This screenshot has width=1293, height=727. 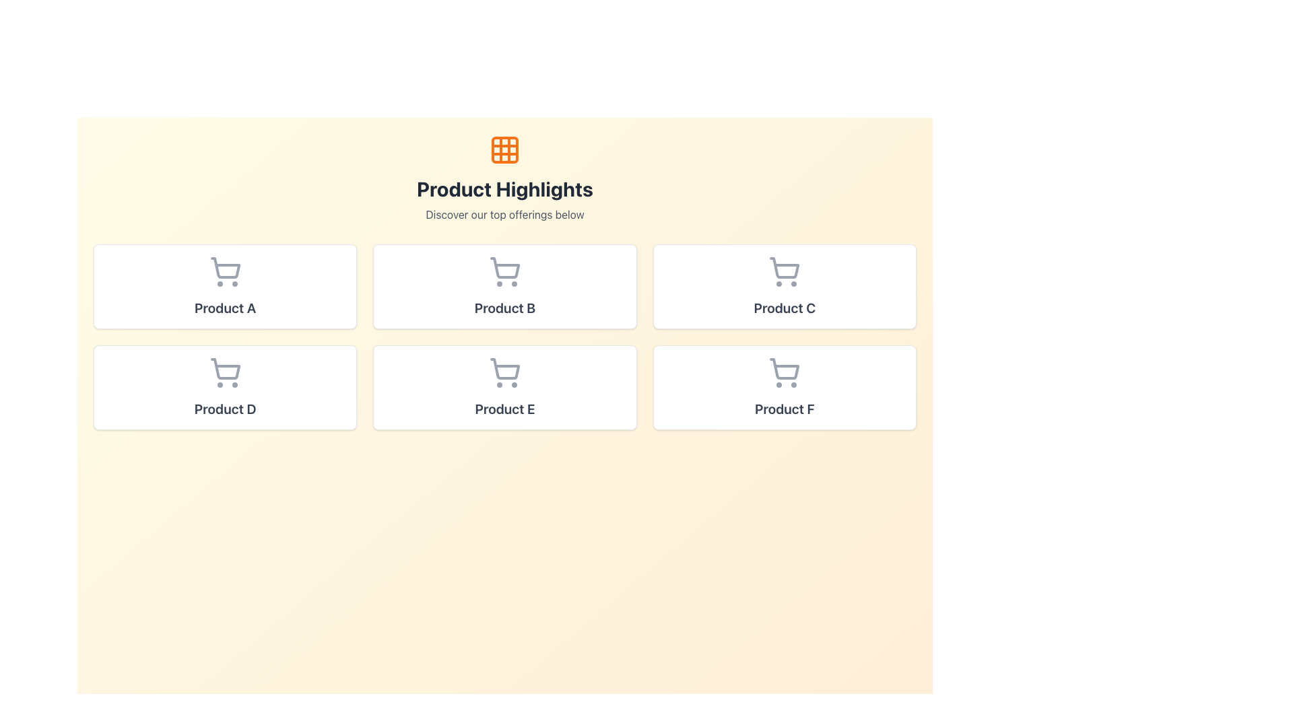 What do you see at coordinates (504, 150) in the screenshot?
I see `the icon located above the text 'Product Highlights' and 'Discover our top offerings below', which is centrally positioned in the highlighted section at the top of the interface` at bounding box center [504, 150].